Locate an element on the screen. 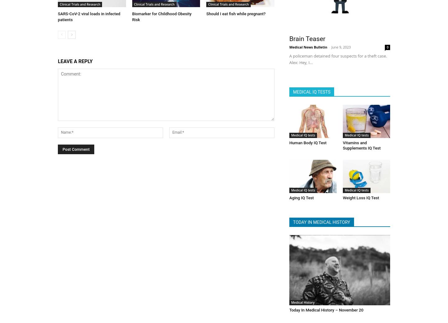  '0' is located at coordinates (387, 45).